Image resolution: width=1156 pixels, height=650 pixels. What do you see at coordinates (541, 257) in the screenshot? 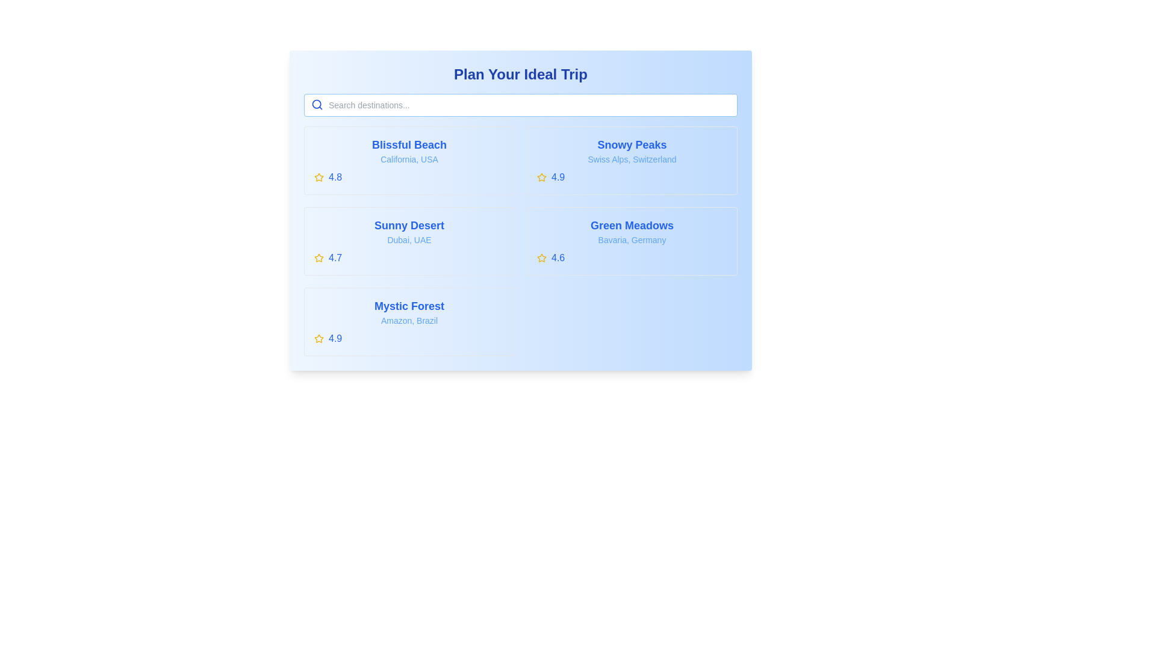
I see `the star icon associated with the 'Green Meadows' destination card, which indicates a rating of 4.6 and is located in the bottom-right quadrant of the main list` at bounding box center [541, 257].